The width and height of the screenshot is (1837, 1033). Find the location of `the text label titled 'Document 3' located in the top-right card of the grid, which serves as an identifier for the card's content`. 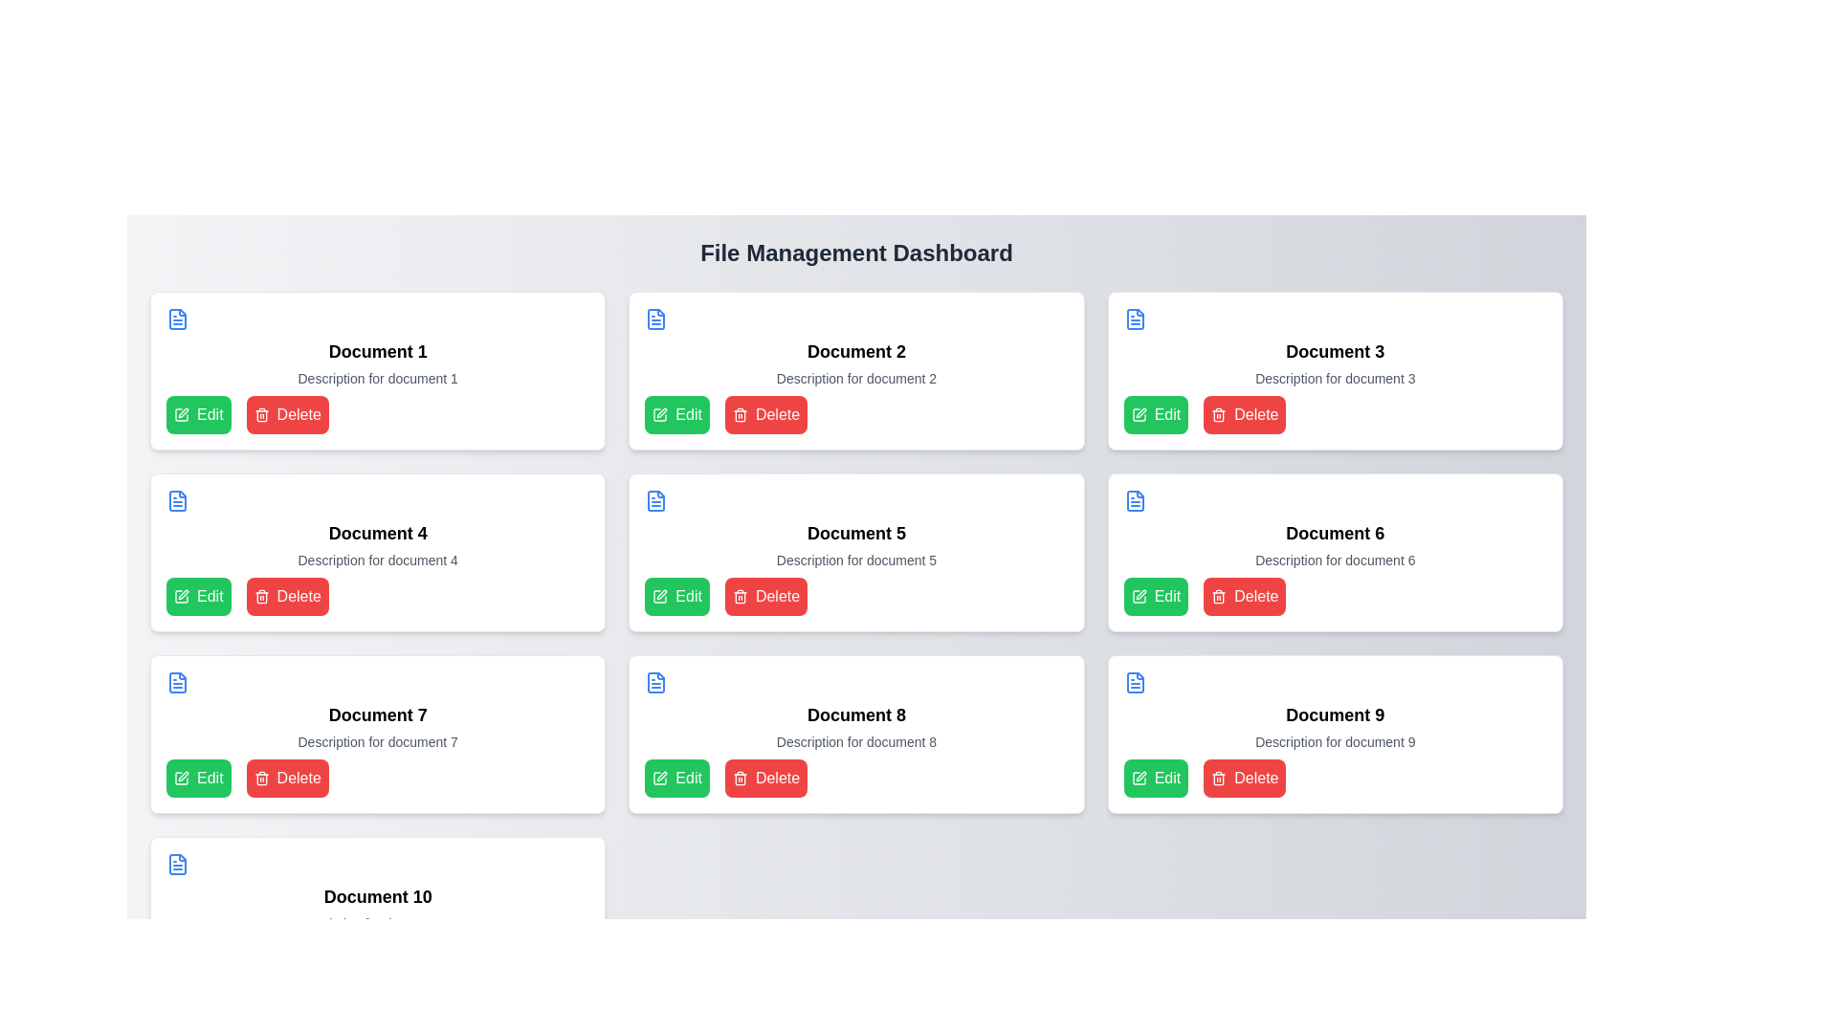

the text label titled 'Document 3' located in the top-right card of the grid, which serves as an identifier for the card's content is located at coordinates (1334, 351).